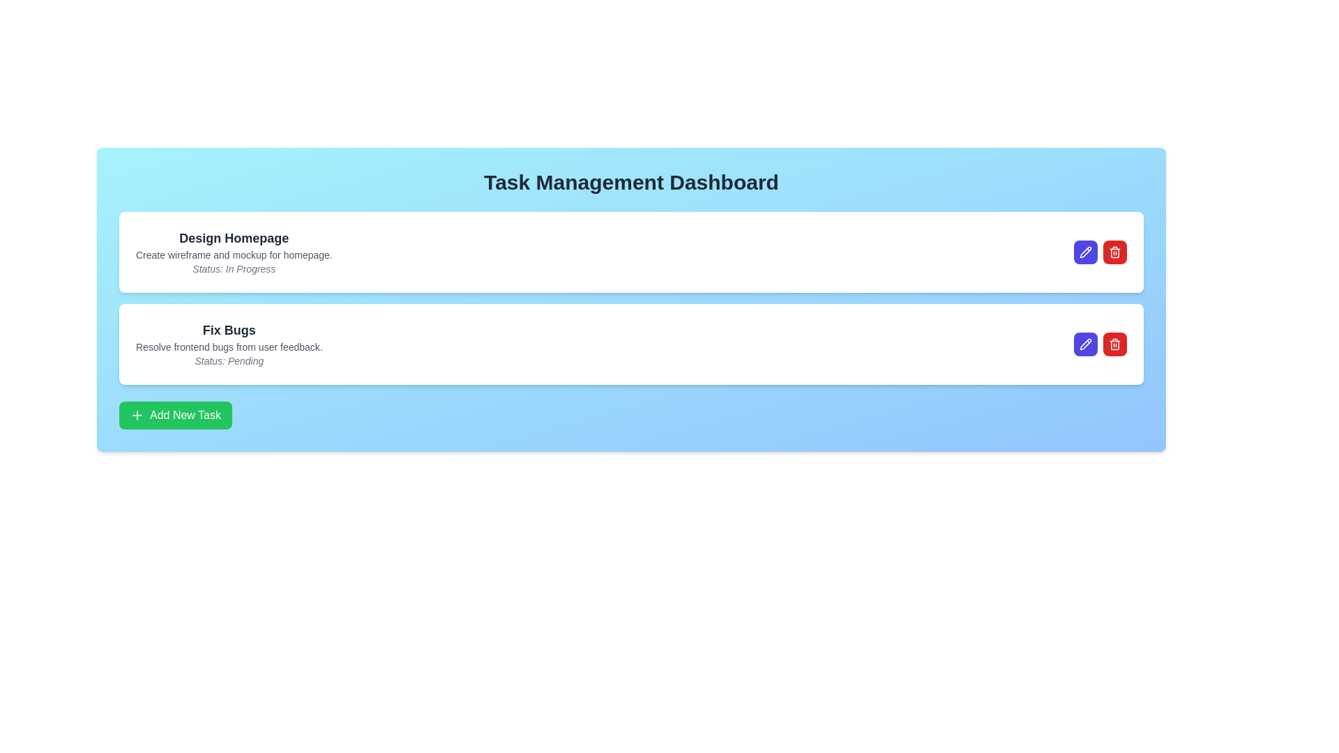 Image resolution: width=1339 pixels, height=753 pixels. Describe the element at coordinates (1114, 344) in the screenshot. I see `the delete button for the 'Fix Bugs' task item located at the far right of the task card` at that location.